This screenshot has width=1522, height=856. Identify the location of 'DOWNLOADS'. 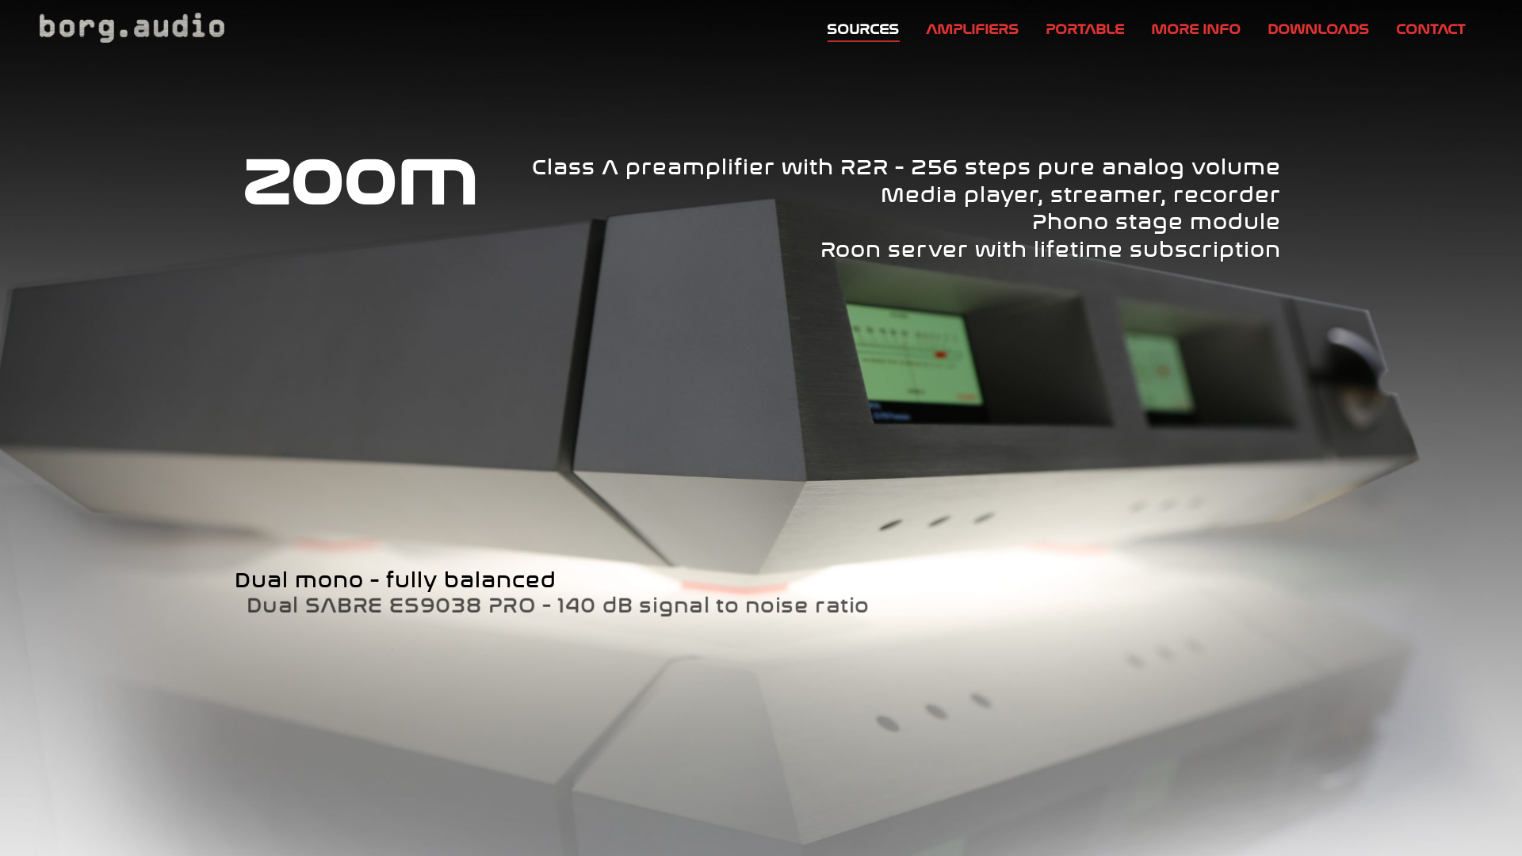
(1257, 27).